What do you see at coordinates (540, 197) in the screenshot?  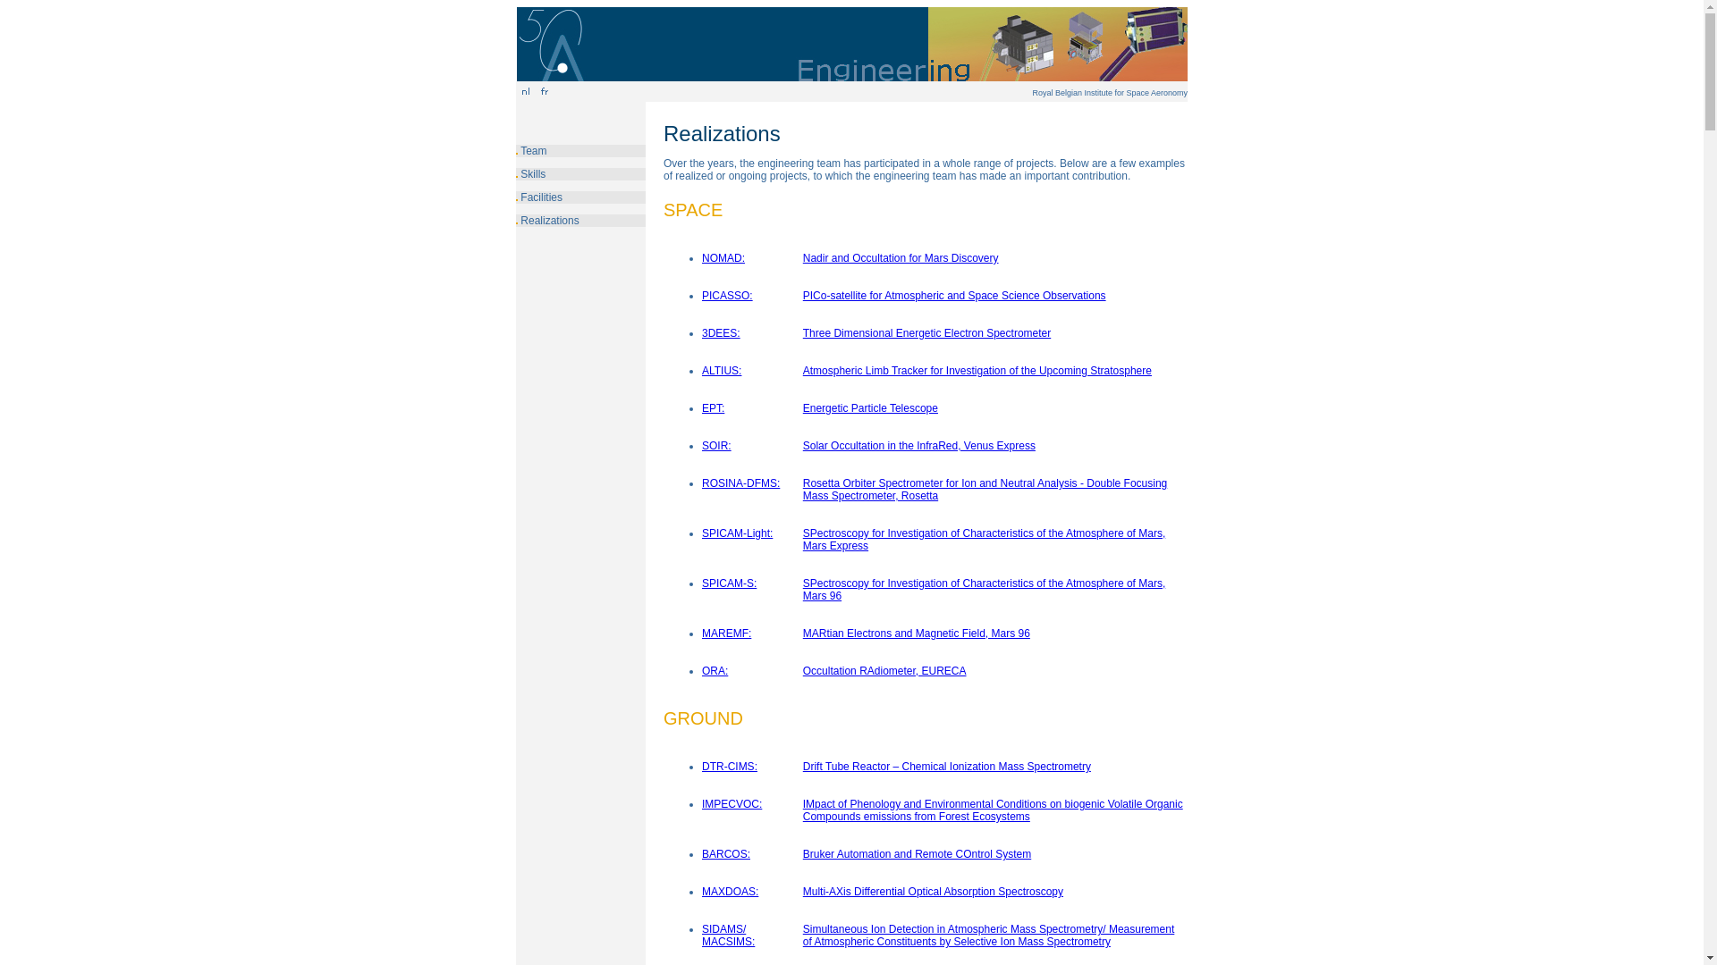 I see `'Facilities'` at bounding box center [540, 197].